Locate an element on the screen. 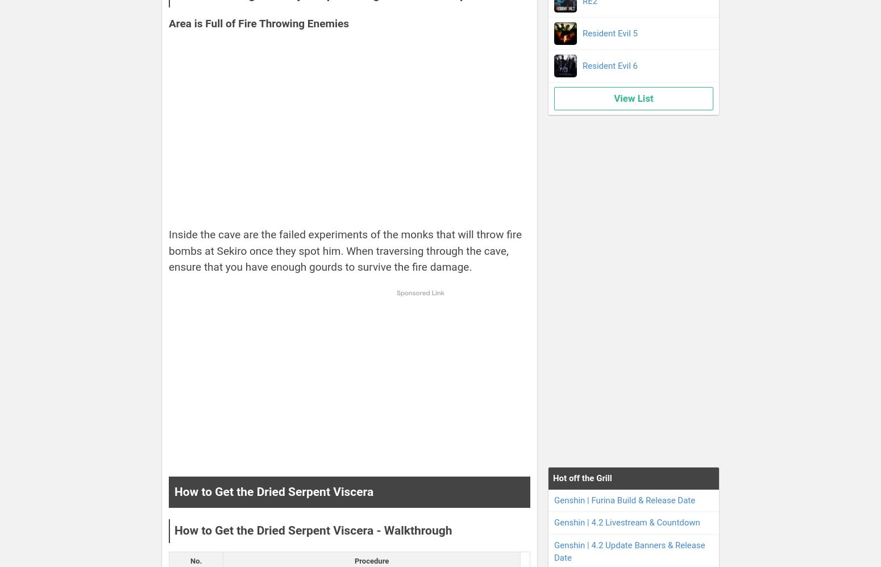 This screenshot has height=567, width=881. 'Hot off the Grill' is located at coordinates (582, 478).